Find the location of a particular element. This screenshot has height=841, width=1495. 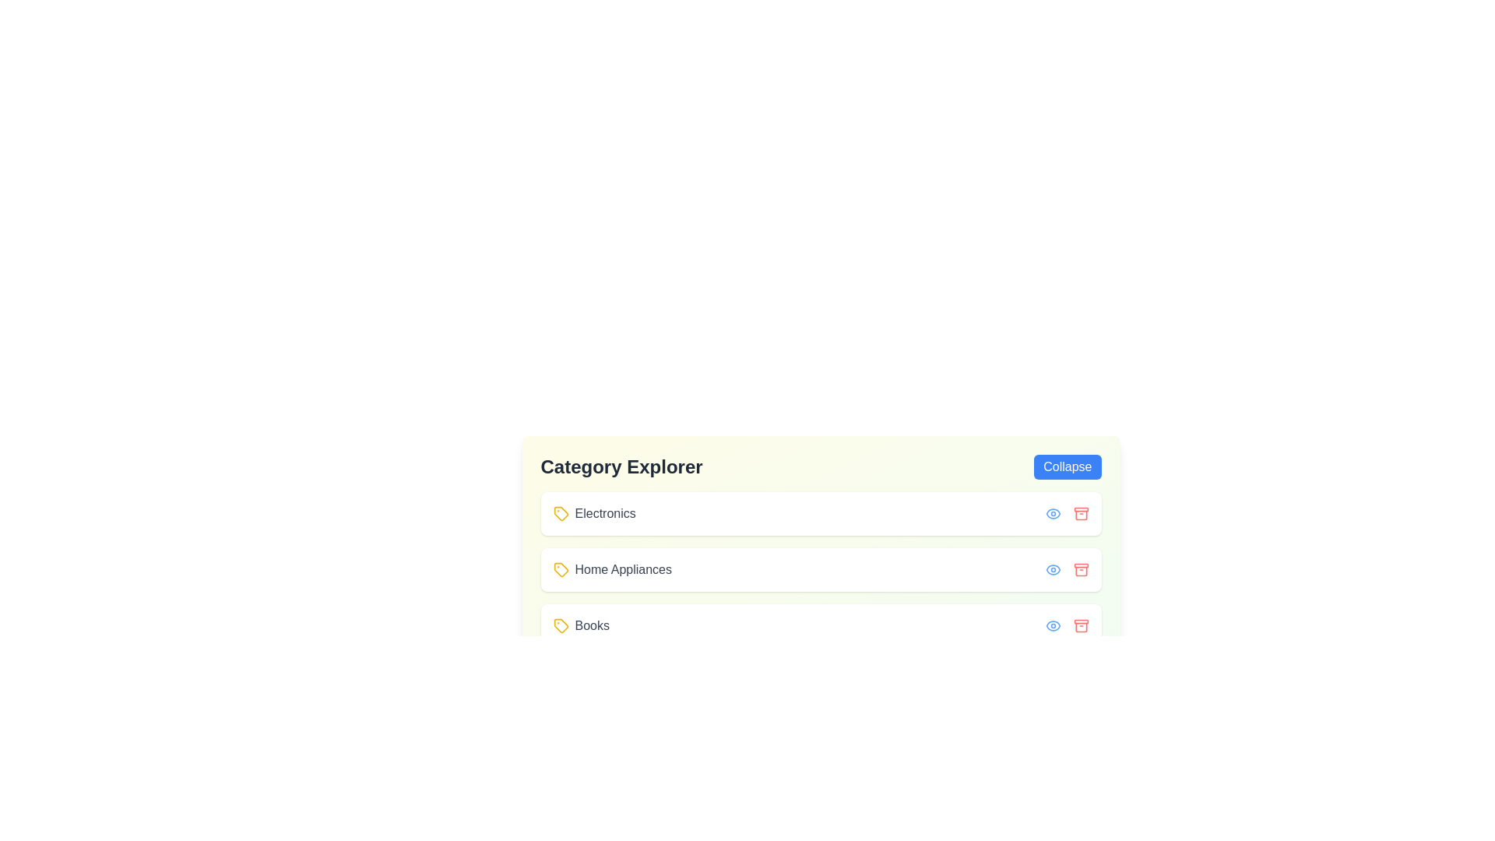

to select the category 'Electronics' from the labeled list item that features a yellow tag-shaped icon and gray sans-serif text is located at coordinates (593, 513).